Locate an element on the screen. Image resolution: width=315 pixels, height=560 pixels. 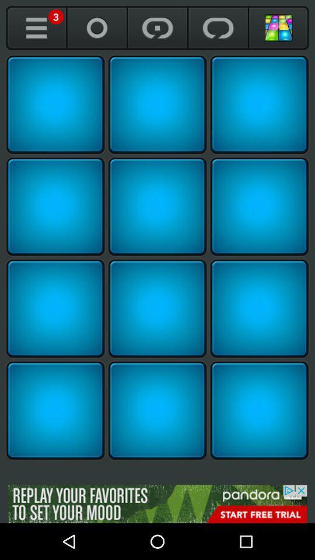
advertisement with link to product or service is located at coordinates (157, 503).